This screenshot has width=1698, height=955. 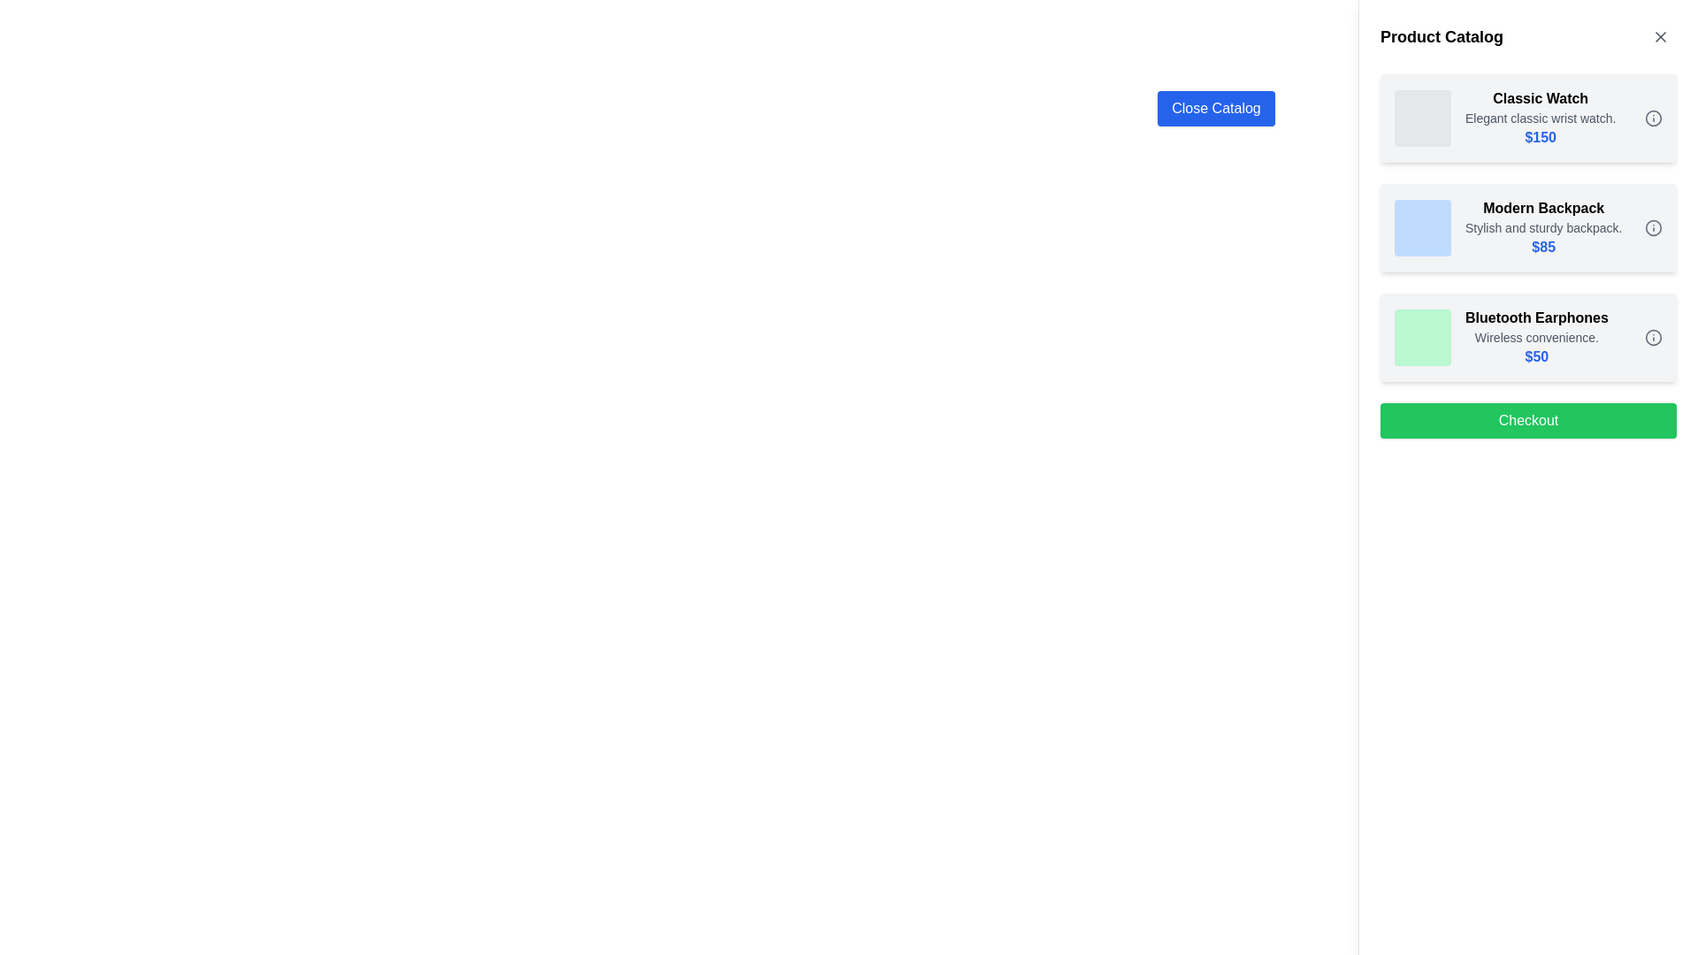 What do you see at coordinates (1653, 227) in the screenshot?
I see `the information icon next to the descriptive text and price of the 'Modern Backpack'` at bounding box center [1653, 227].